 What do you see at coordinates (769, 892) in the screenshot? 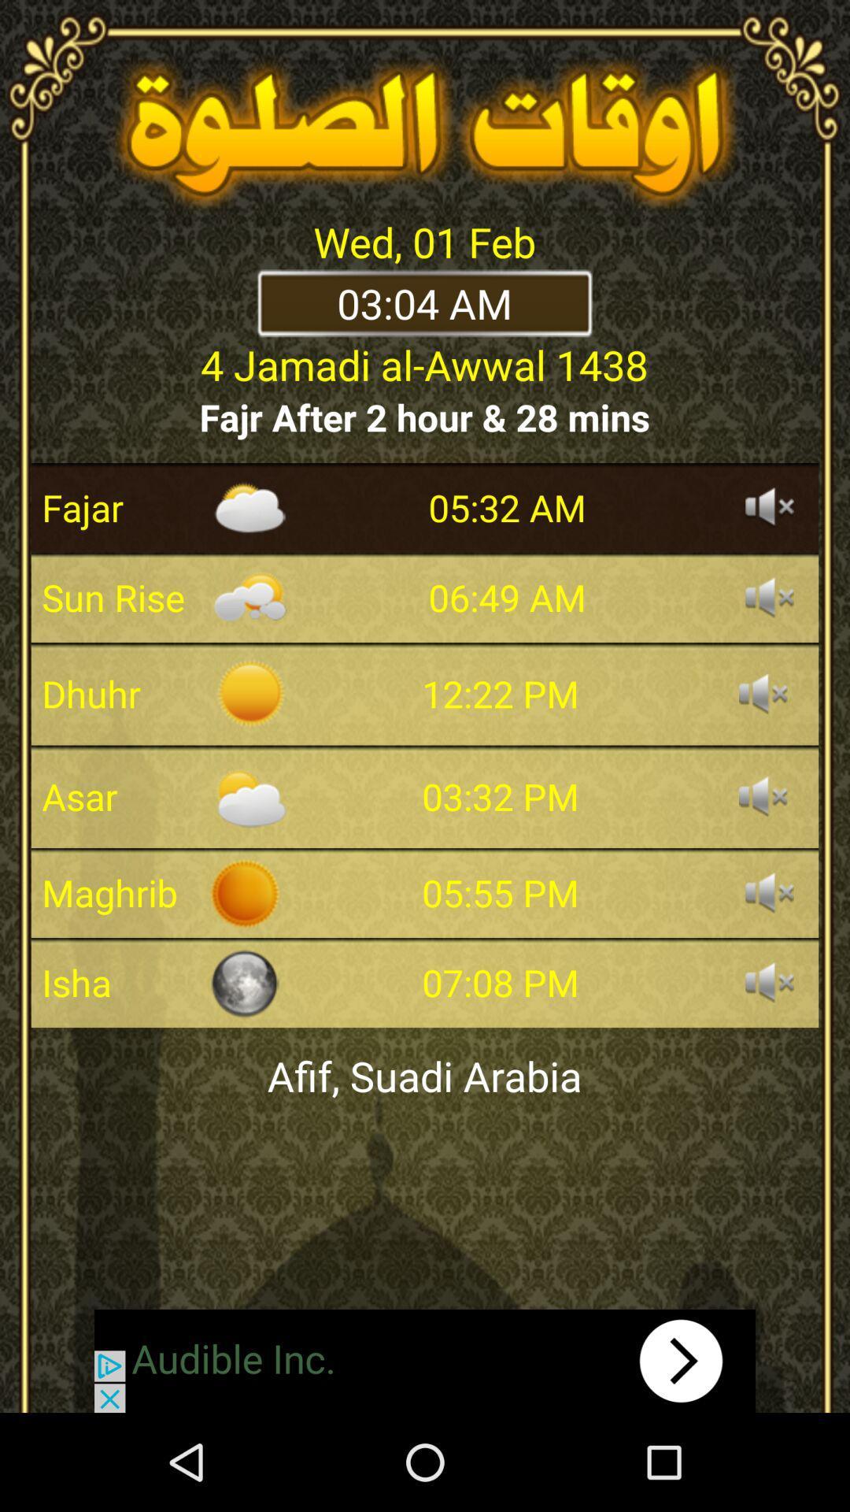
I see `mute audio` at bounding box center [769, 892].